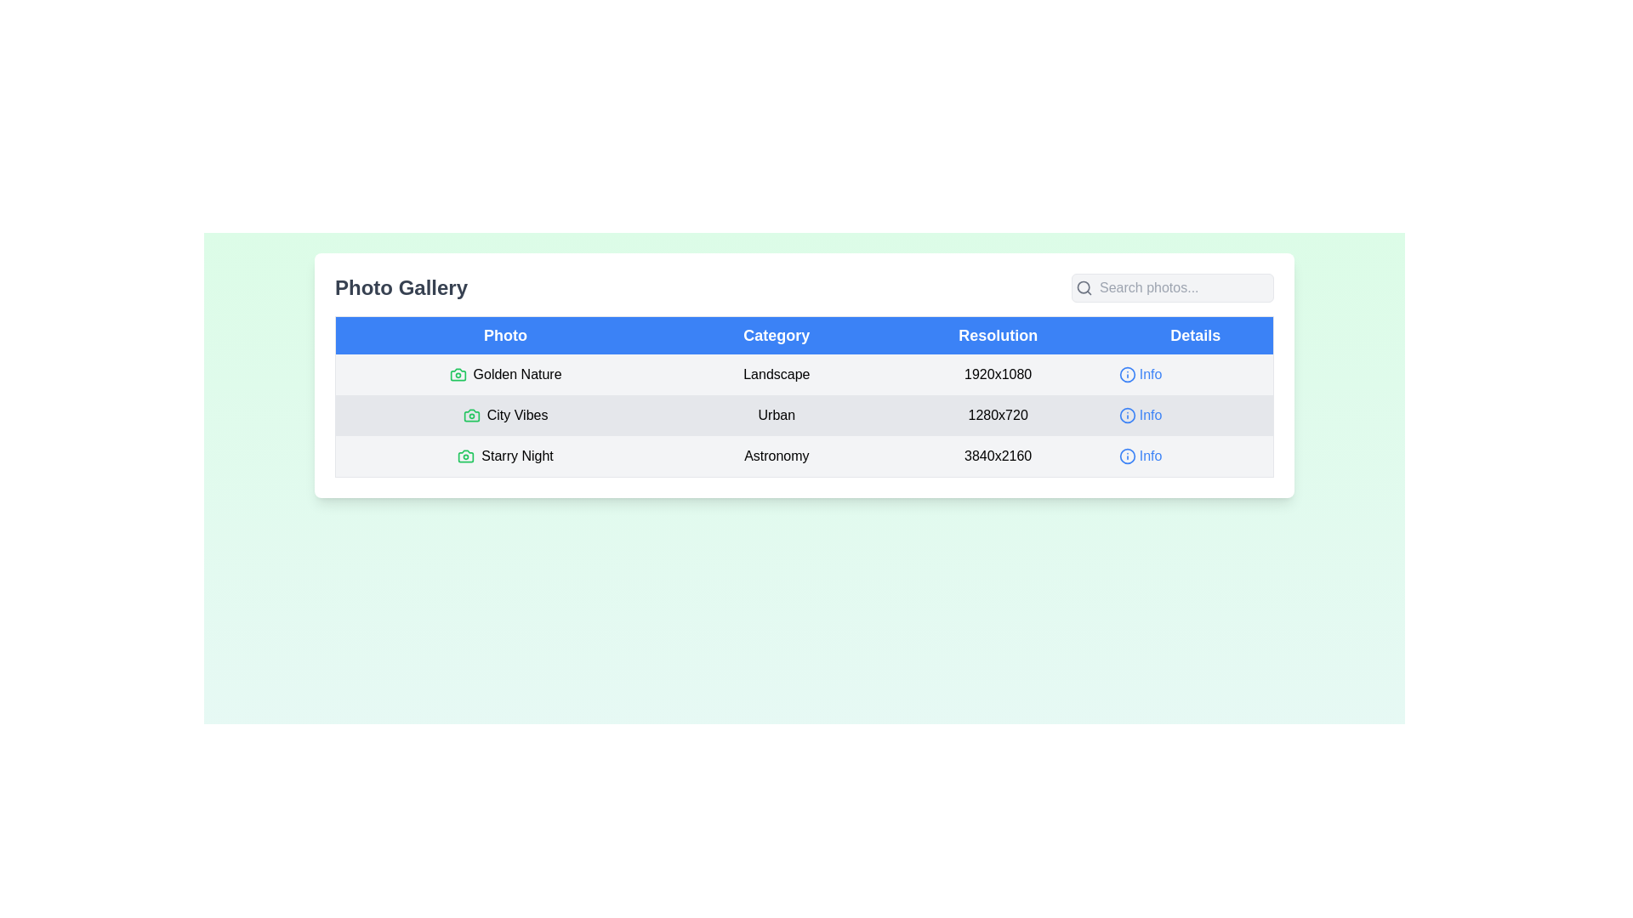  Describe the element at coordinates (504, 455) in the screenshot. I see `the text 'Starry Night' in the third row of the 'Photo' column in the table under the 'Photo Gallery' header` at that location.